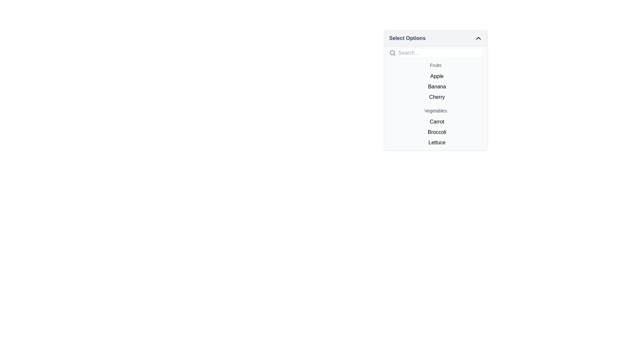 This screenshot has width=625, height=351. Describe the element at coordinates (436, 82) in the screenshot. I see `the 'Banana' text item in the vertical list under the 'Fruits' heading` at that location.